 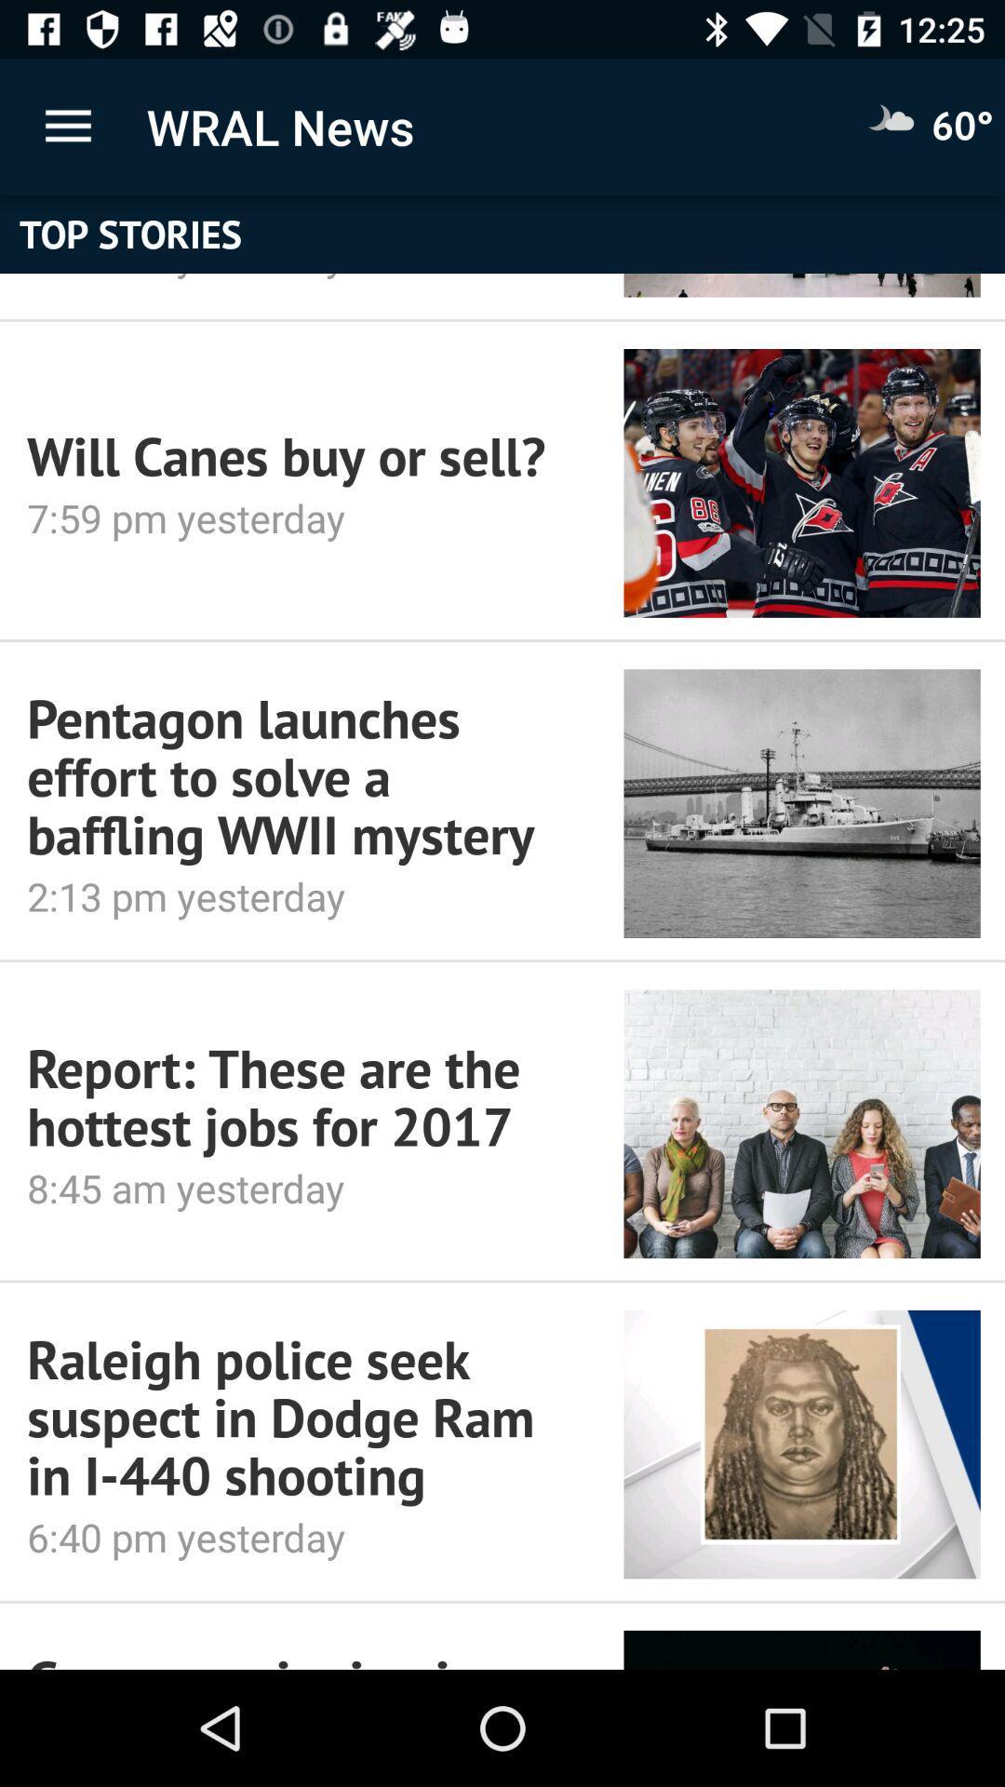 What do you see at coordinates (299, 896) in the screenshot?
I see `the 2 13 pm icon` at bounding box center [299, 896].